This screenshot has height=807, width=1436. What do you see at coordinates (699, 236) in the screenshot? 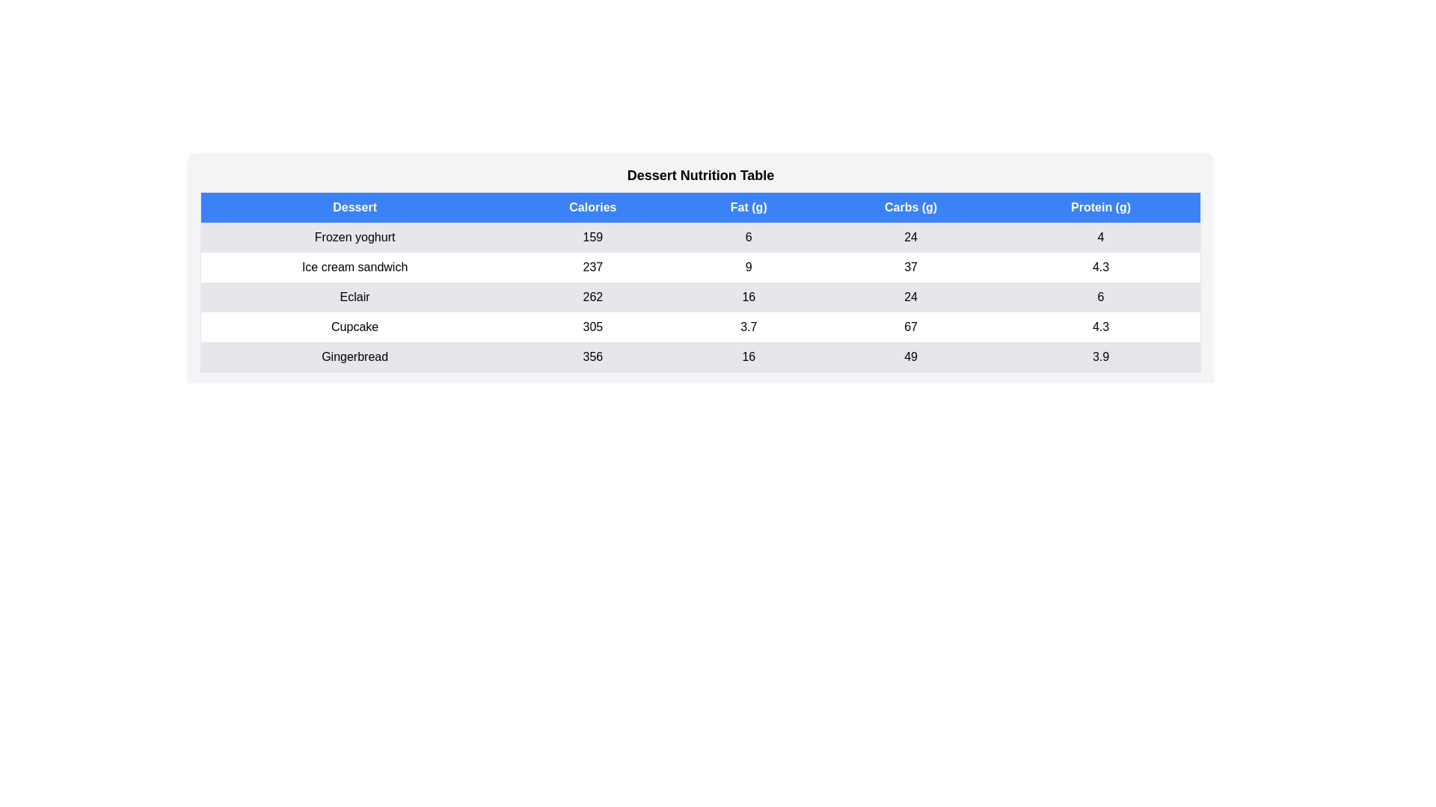
I see `the row corresponding to Frozen yoghurt` at bounding box center [699, 236].